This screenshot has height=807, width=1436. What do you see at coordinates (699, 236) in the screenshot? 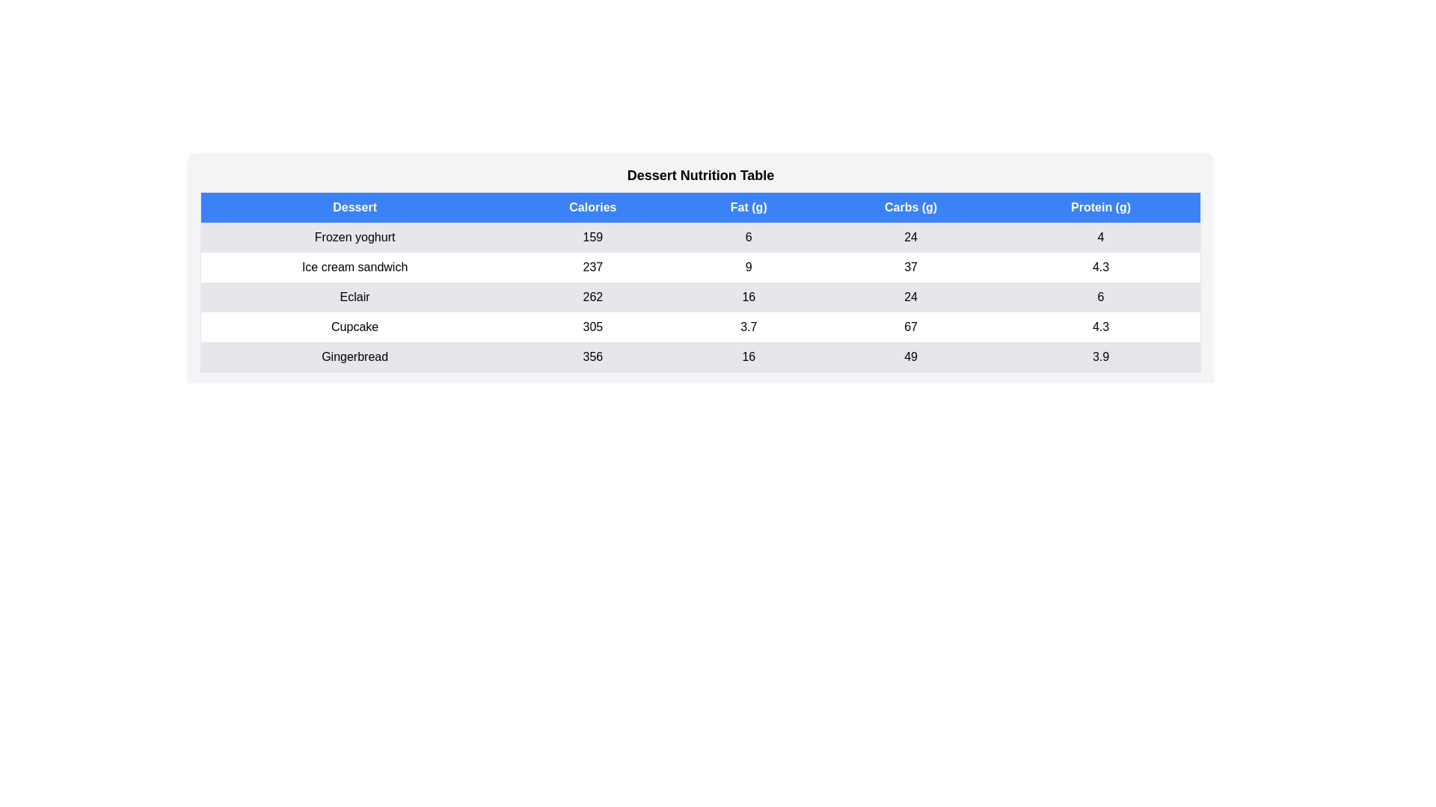
I see `the row corresponding to Frozen yoghurt` at bounding box center [699, 236].